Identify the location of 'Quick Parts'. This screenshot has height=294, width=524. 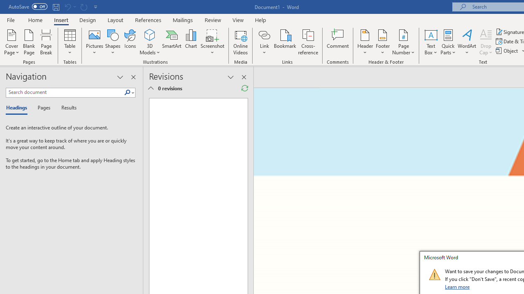
(448, 42).